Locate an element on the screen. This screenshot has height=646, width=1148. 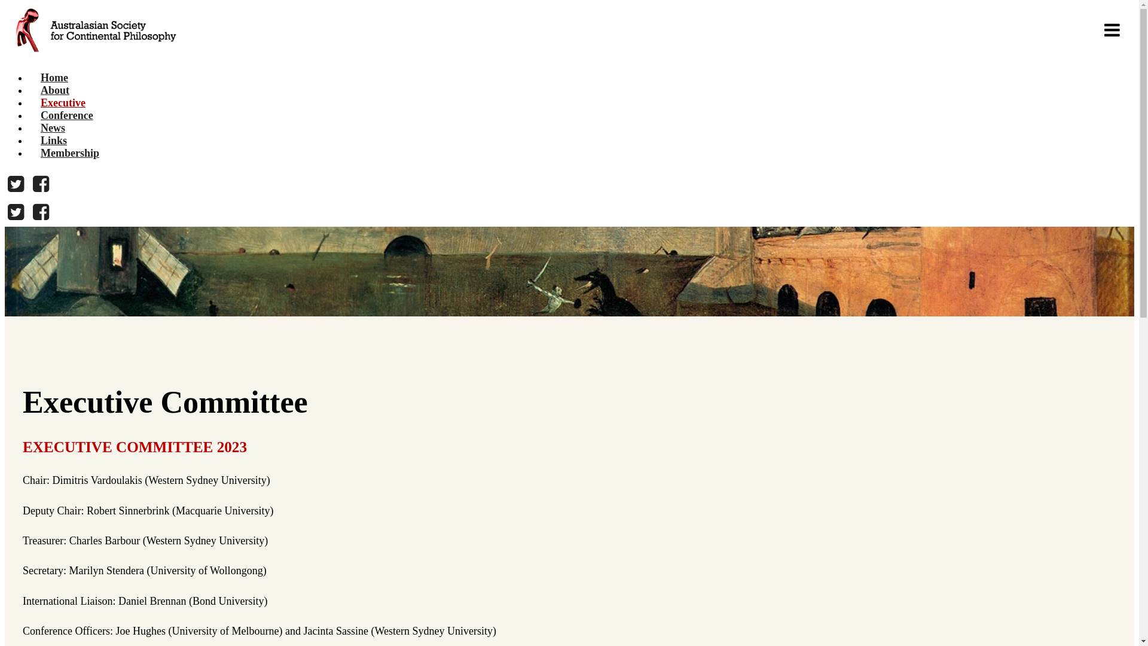
'ASCP Facebook Group' is located at coordinates (41, 184).